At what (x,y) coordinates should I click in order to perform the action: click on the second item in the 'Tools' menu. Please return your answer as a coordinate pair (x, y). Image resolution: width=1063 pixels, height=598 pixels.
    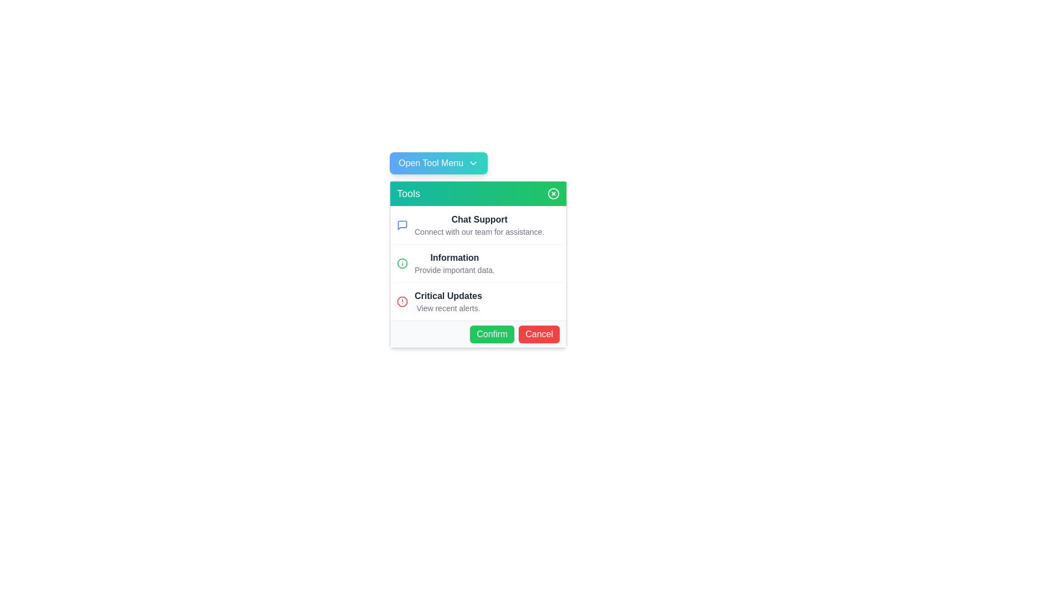
    Looking at the image, I should click on (455, 263).